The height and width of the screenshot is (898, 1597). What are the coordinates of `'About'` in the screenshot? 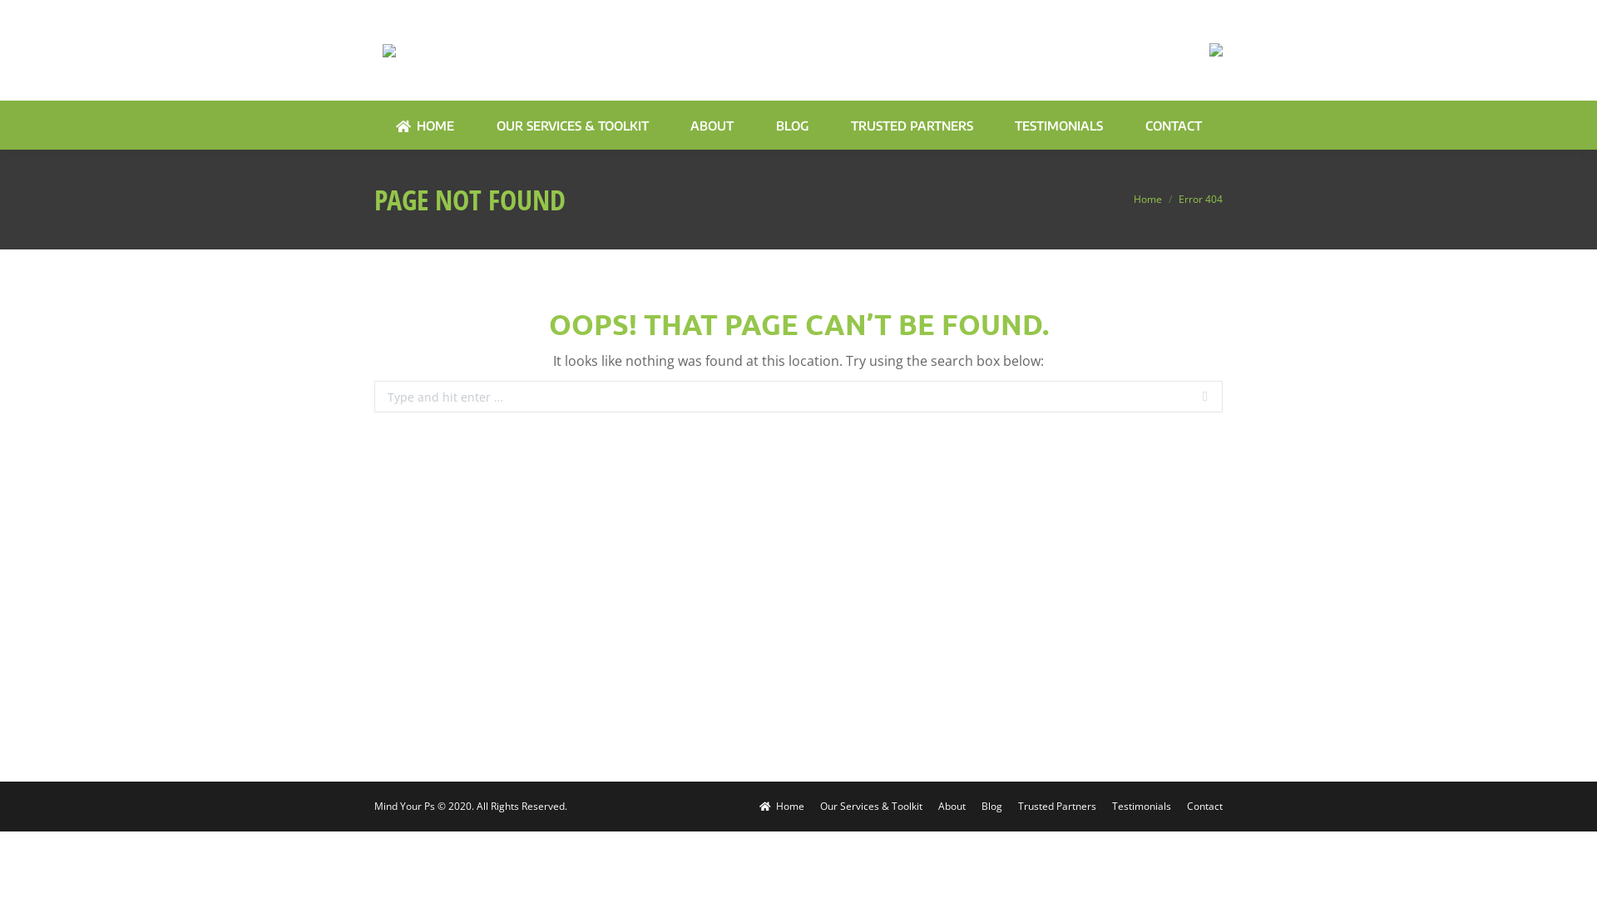 It's located at (952, 805).